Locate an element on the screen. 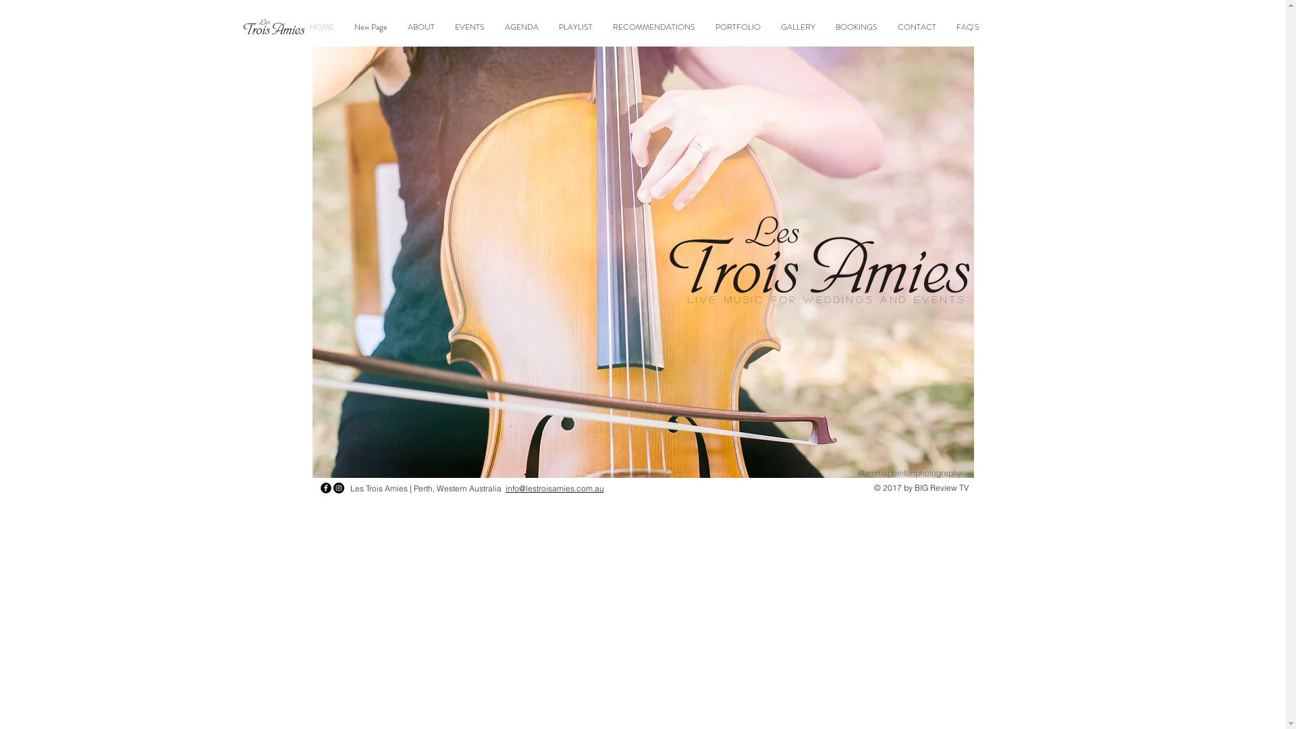 This screenshot has width=1296, height=729. 'EVENTS' is located at coordinates (444, 27).